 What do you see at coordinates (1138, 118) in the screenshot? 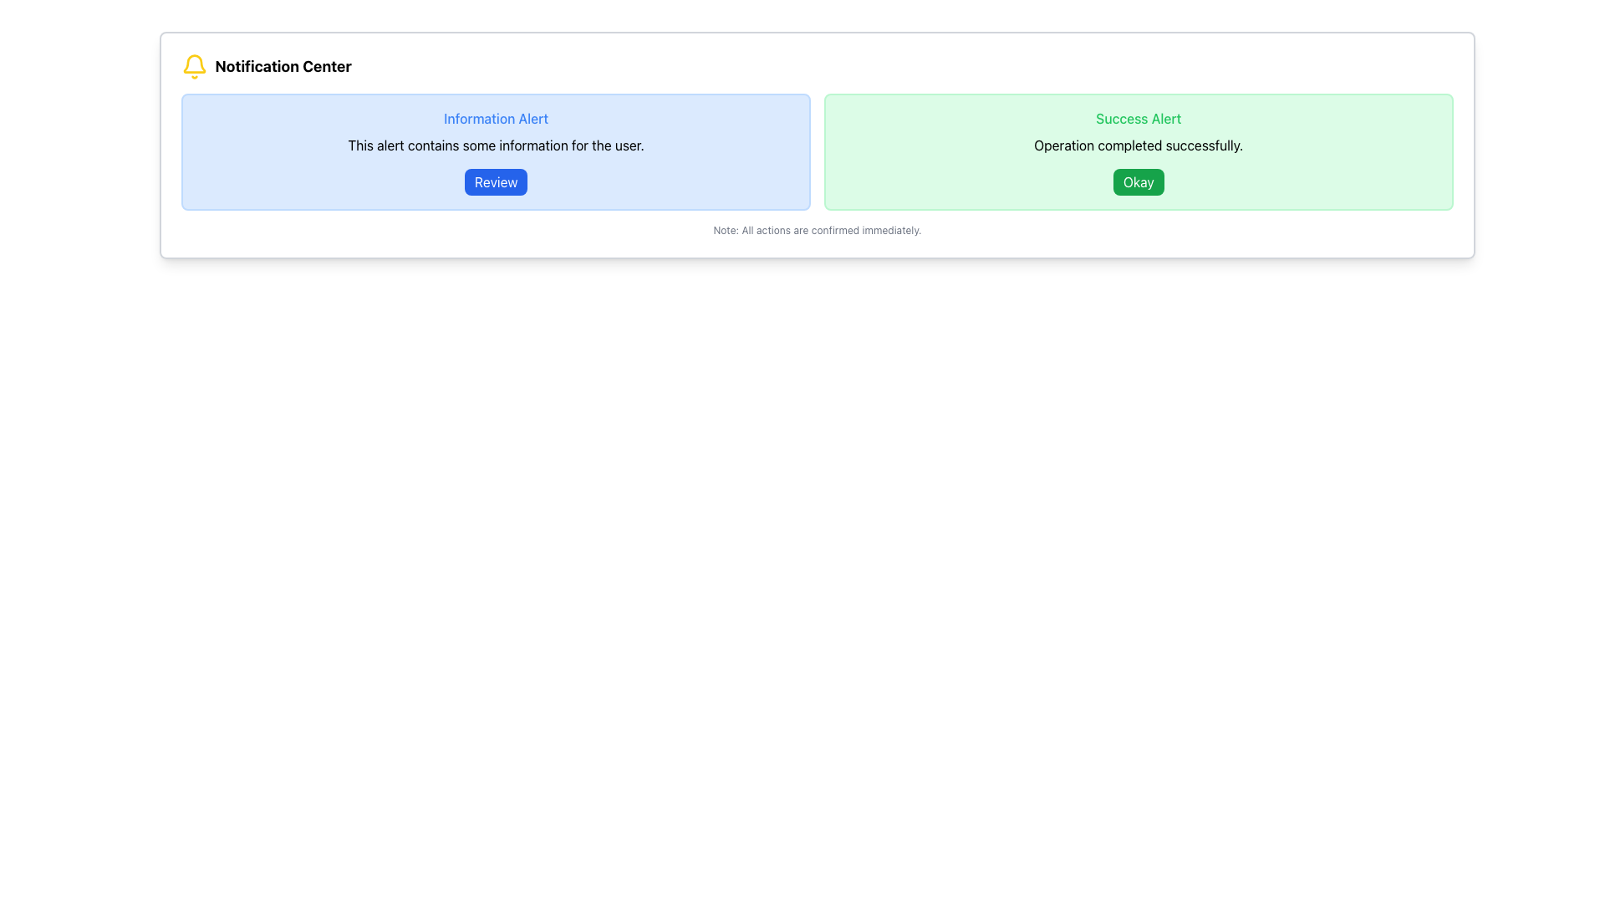
I see `the text label displaying 'Success Alert' which is in medium green font on a light green background, located above the 'Operation completed successfully.' text and the 'Okay' button` at bounding box center [1138, 118].